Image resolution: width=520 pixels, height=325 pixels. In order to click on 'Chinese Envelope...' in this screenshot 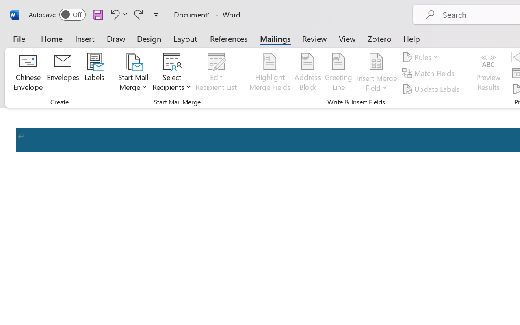, I will do `click(28, 73)`.